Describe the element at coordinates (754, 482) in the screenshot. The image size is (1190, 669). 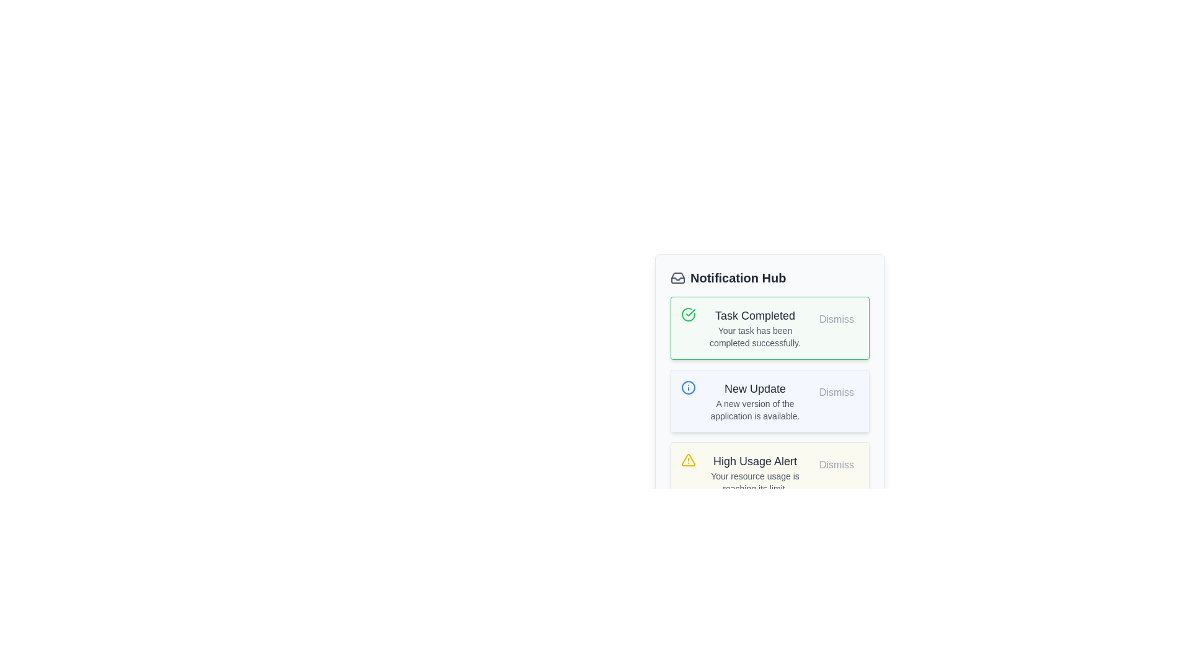
I see `the text label that displays 'Your resource usage is reaching its limit.' located within the 'High Usage Alert' notification` at that location.